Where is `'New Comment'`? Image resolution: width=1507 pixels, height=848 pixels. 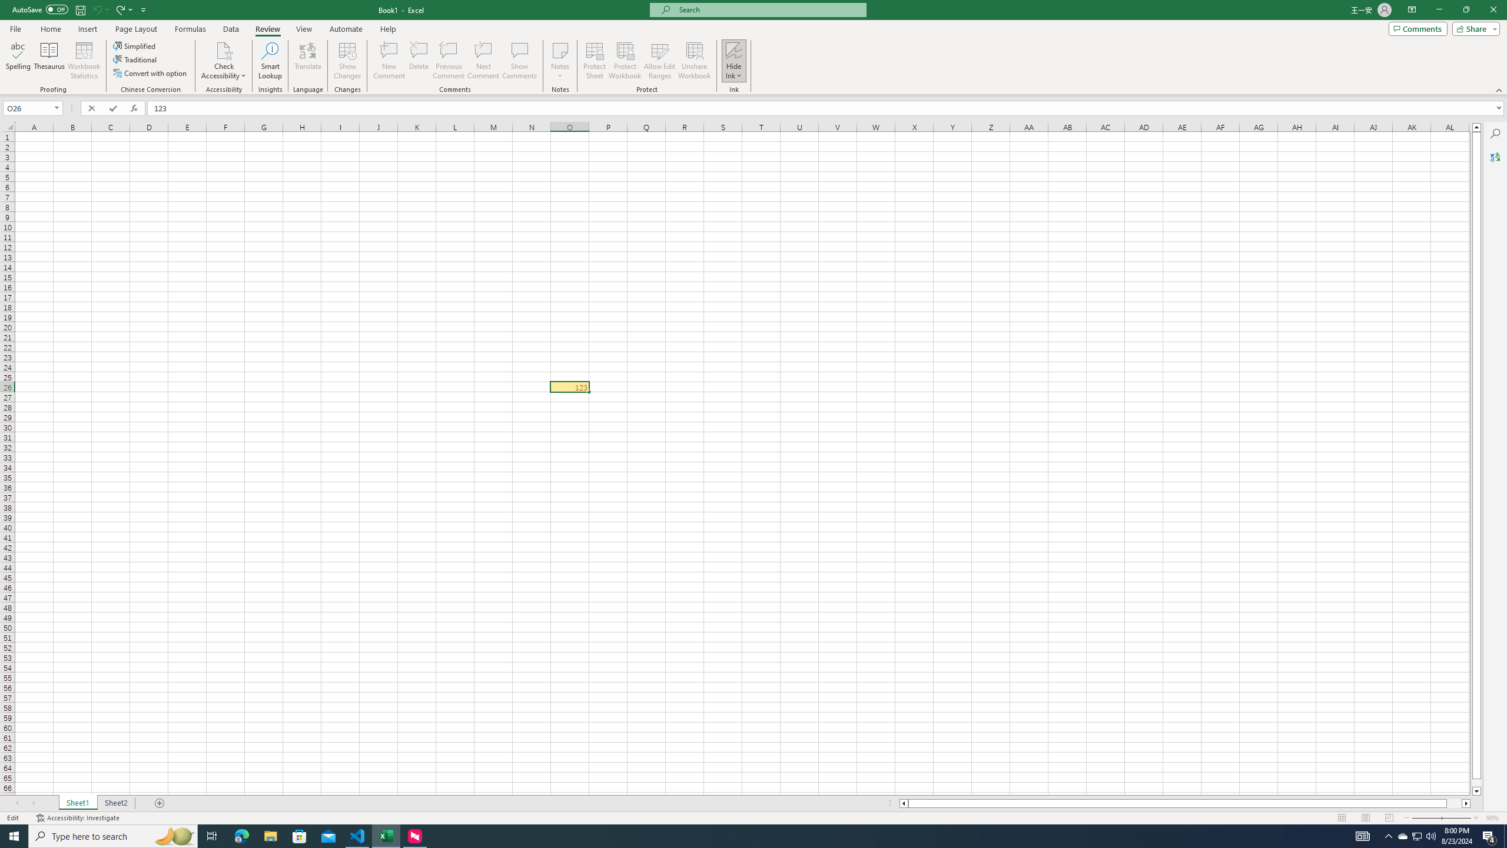
'New Comment' is located at coordinates (389, 61).